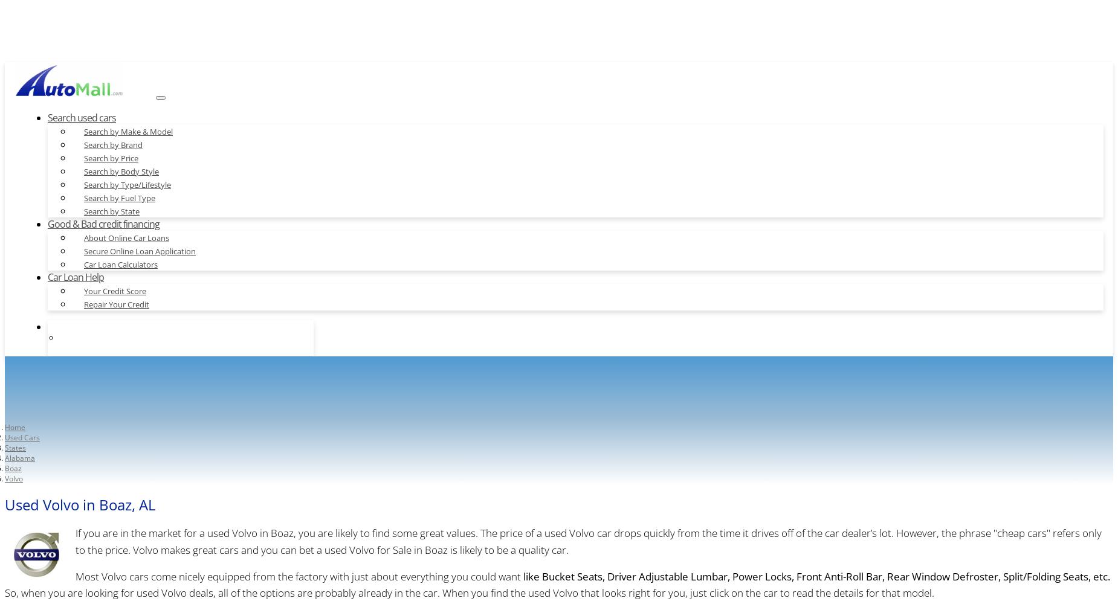  What do you see at coordinates (128, 130) in the screenshot?
I see `'Search by Make & Model'` at bounding box center [128, 130].